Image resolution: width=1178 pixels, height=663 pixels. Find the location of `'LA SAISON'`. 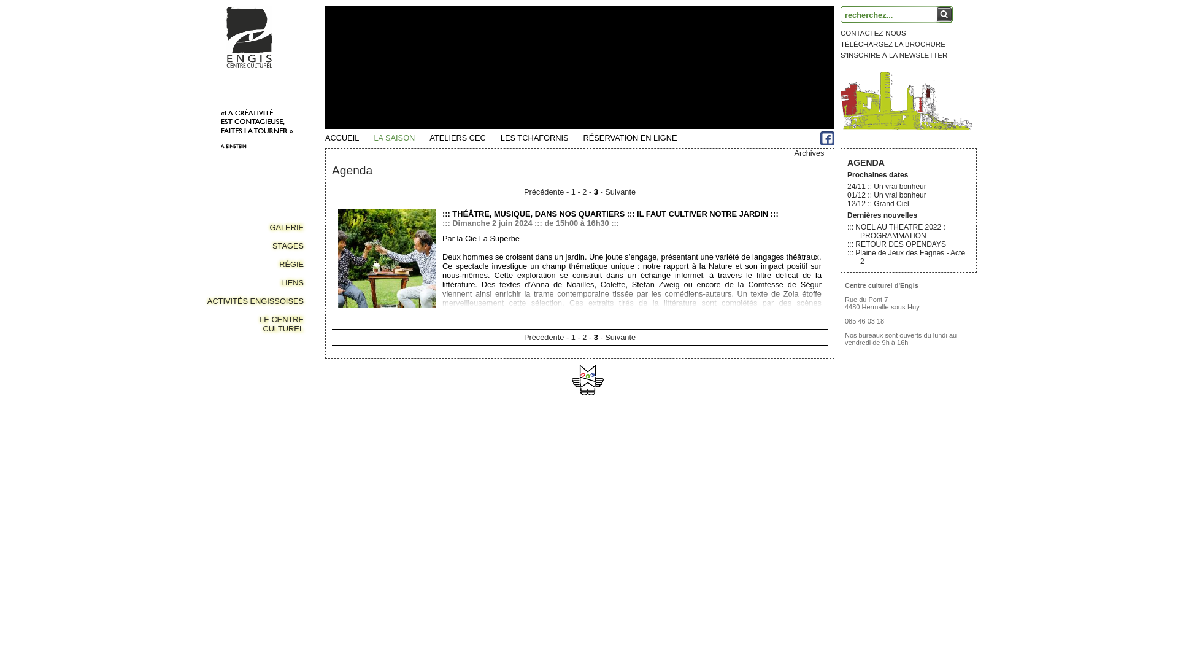

'LA SAISON' is located at coordinates (401, 138).